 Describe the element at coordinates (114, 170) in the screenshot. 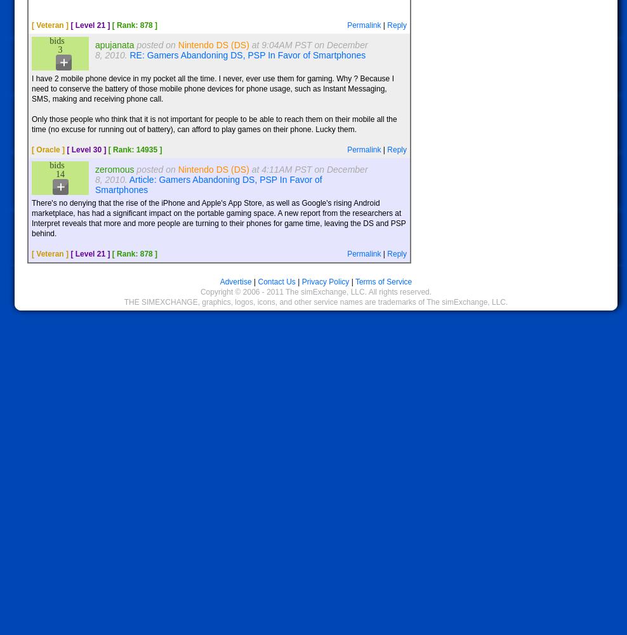

I see `'zeromous'` at that location.